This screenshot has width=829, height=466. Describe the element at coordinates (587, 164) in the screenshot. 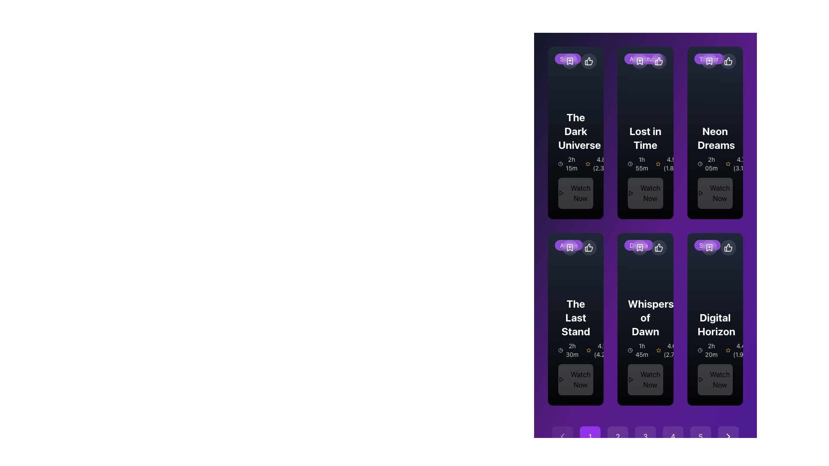

I see `the yellow star icon with a hollow center, which is part of the rating feature located in the upper section of a card, near the numeric rating text` at that location.